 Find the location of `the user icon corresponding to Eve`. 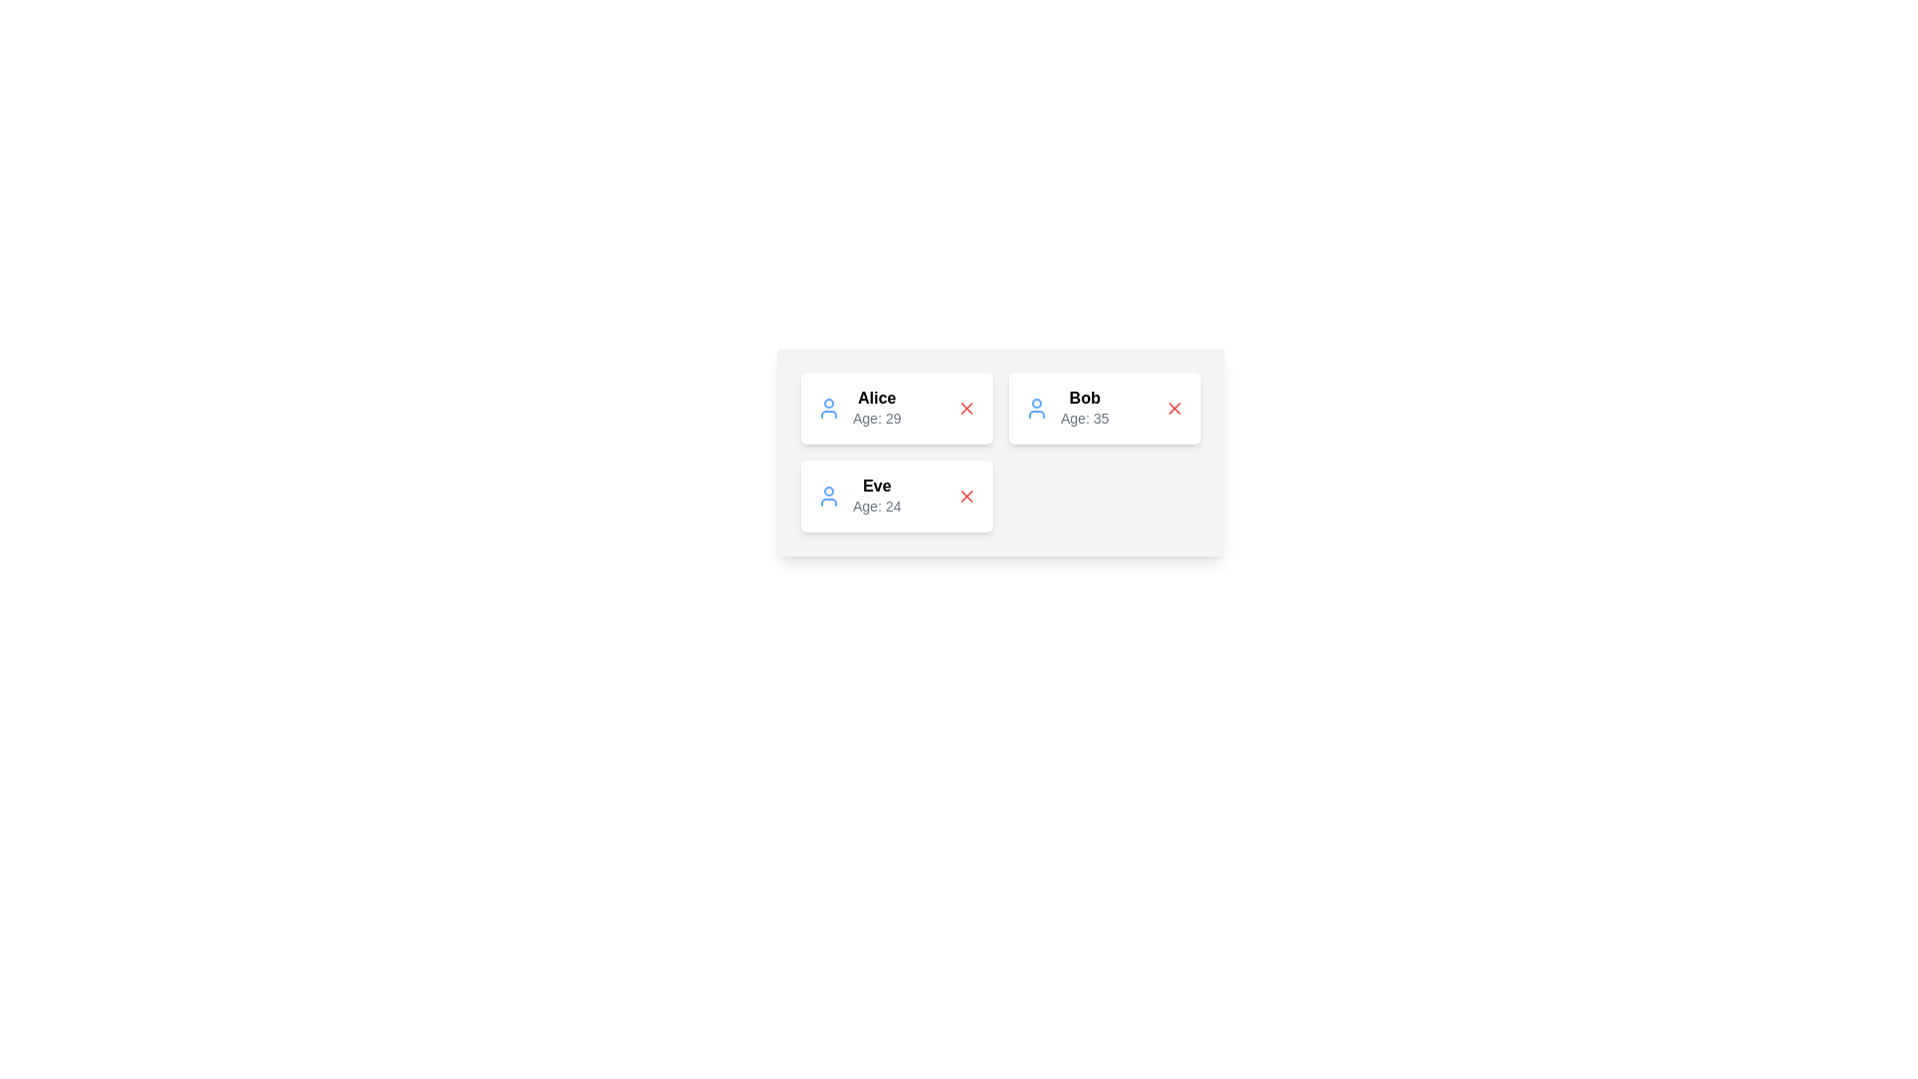

the user icon corresponding to Eve is located at coordinates (829, 496).